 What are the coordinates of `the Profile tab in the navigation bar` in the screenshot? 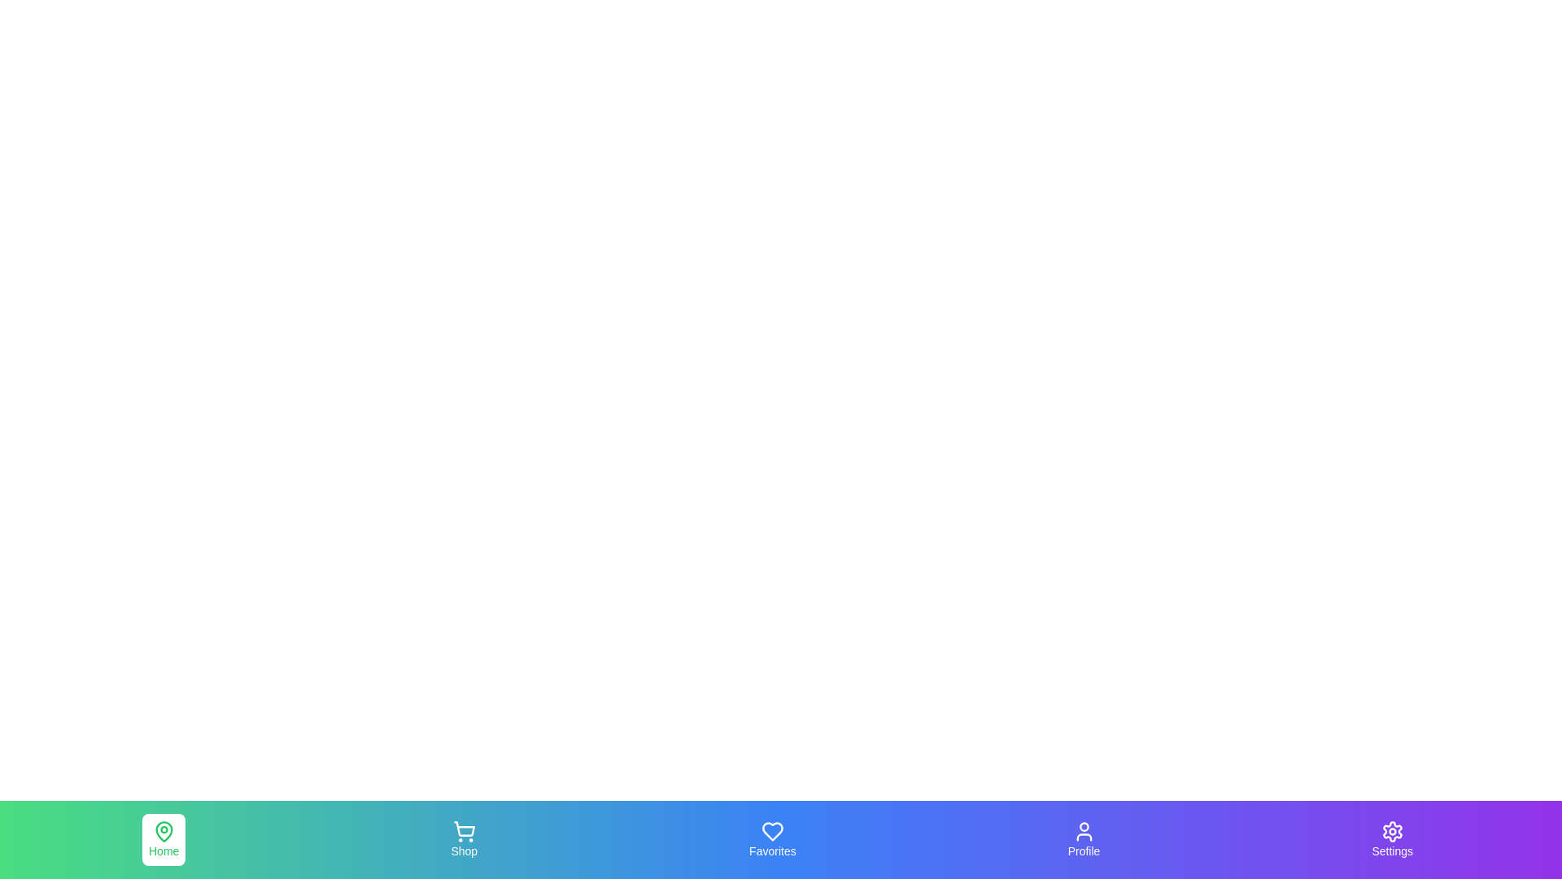 It's located at (1084, 840).